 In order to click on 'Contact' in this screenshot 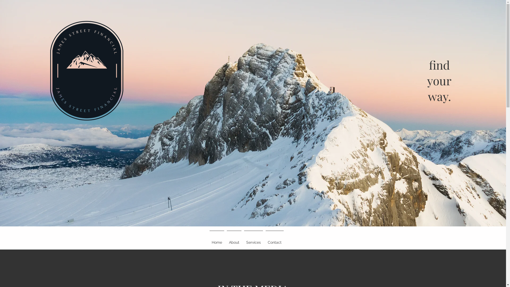, I will do `click(274, 240)`.